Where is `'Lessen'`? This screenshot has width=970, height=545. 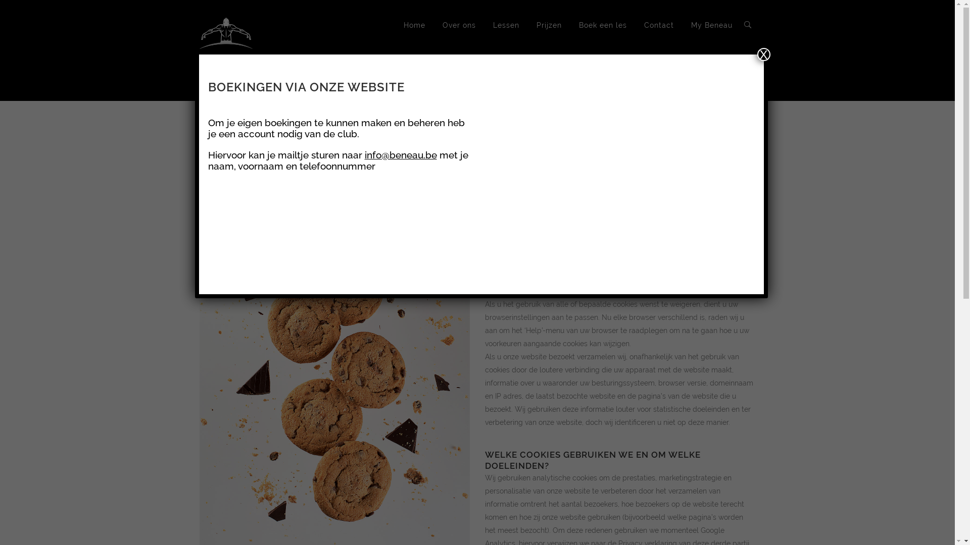
'Lessen' is located at coordinates (506, 25).